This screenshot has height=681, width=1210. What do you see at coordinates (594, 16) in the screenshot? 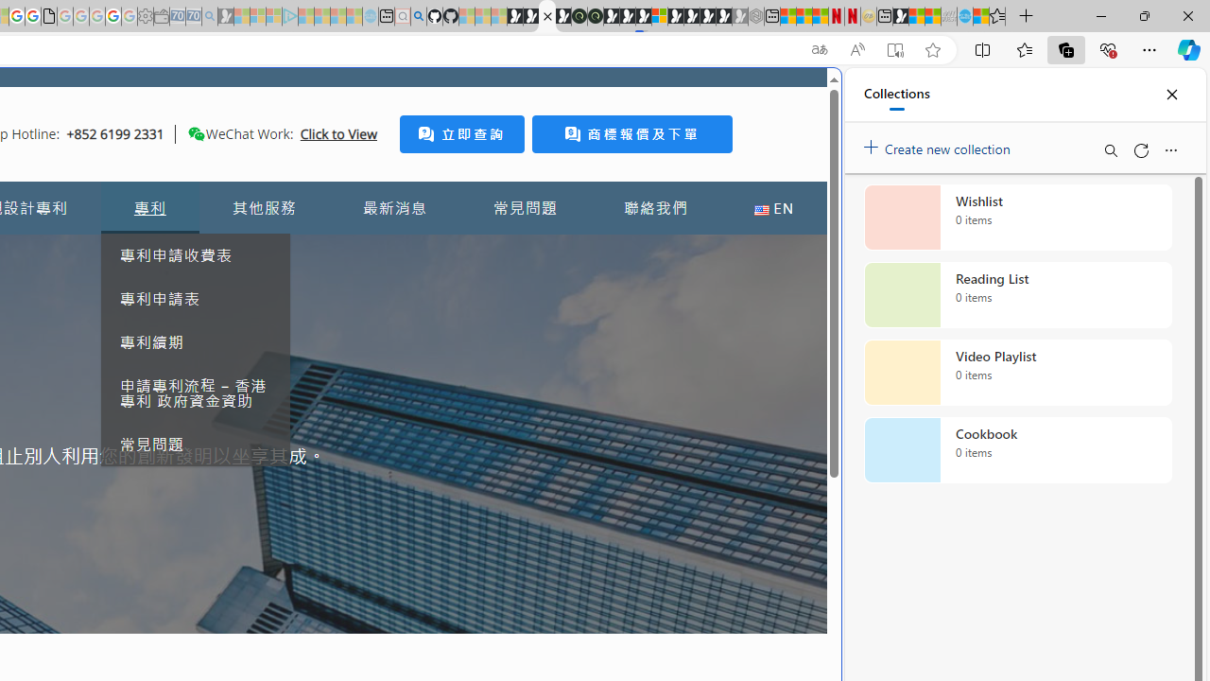
I see `'Future Focus Report 2024'` at bounding box center [594, 16].